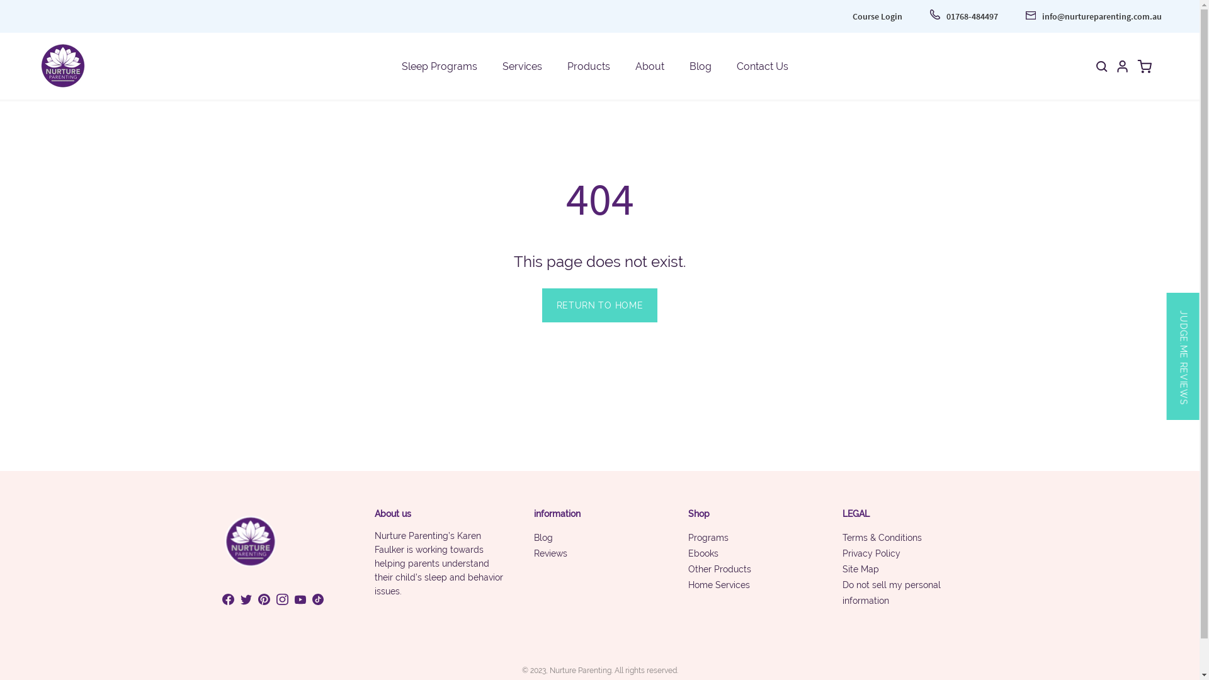 The width and height of the screenshot is (1209, 680). What do you see at coordinates (543, 537) in the screenshot?
I see `'Blog'` at bounding box center [543, 537].